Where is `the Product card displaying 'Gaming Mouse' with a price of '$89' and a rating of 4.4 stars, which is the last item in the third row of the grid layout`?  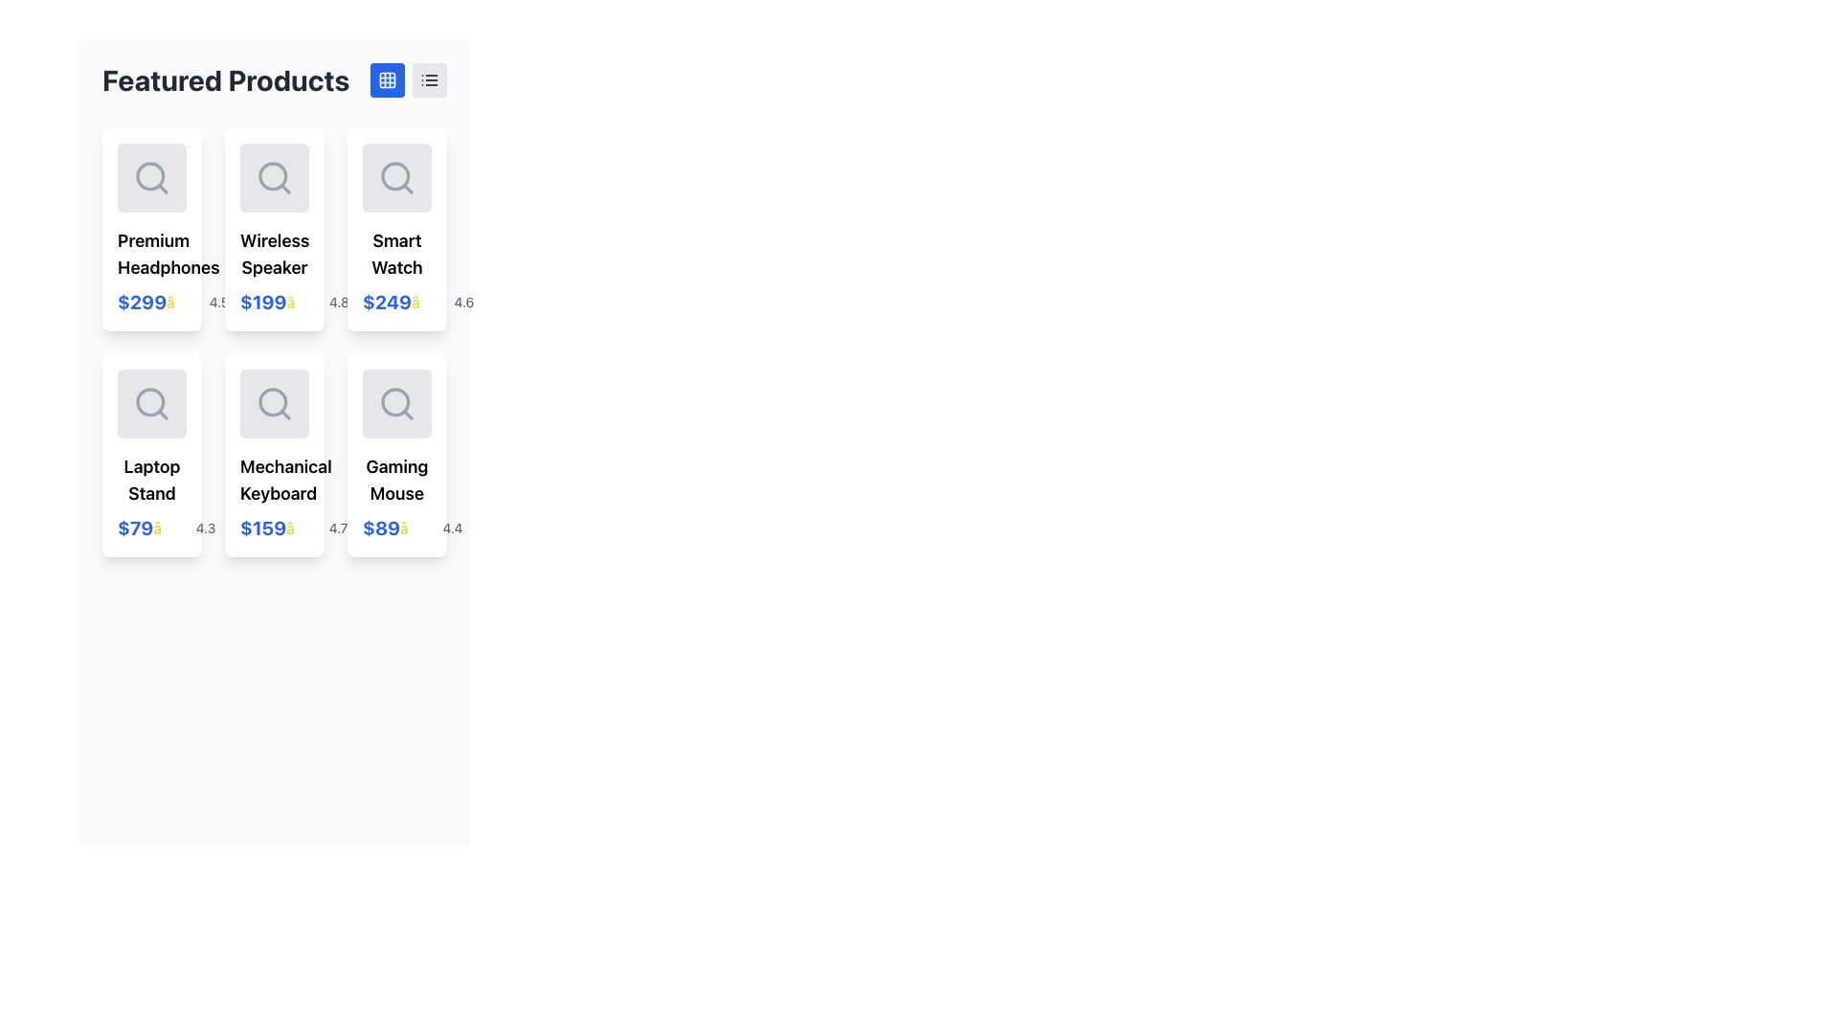
the Product card displaying 'Gaming Mouse' with a price of '$89' and a rating of 4.4 stars, which is the last item in the third row of the grid layout is located at coordinates (395, 455).